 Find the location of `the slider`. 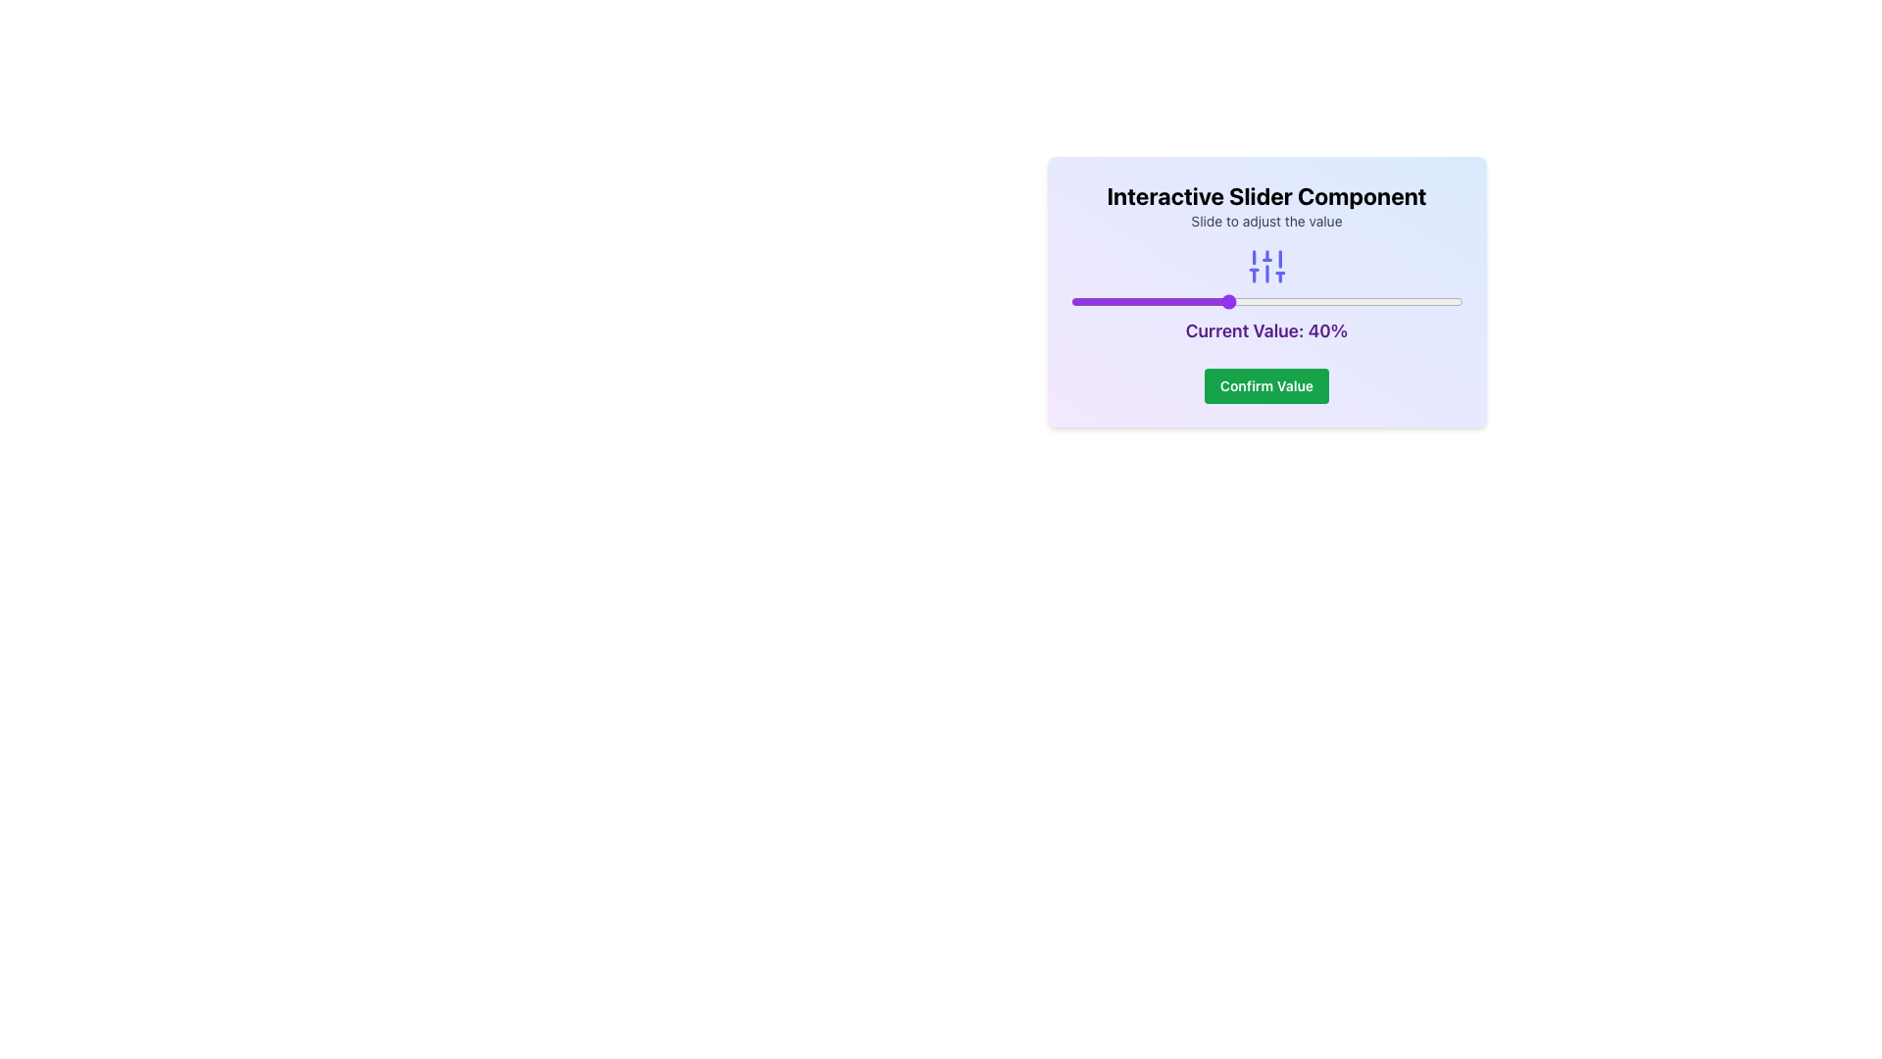

the slider is located at coordinates (1451, 302).